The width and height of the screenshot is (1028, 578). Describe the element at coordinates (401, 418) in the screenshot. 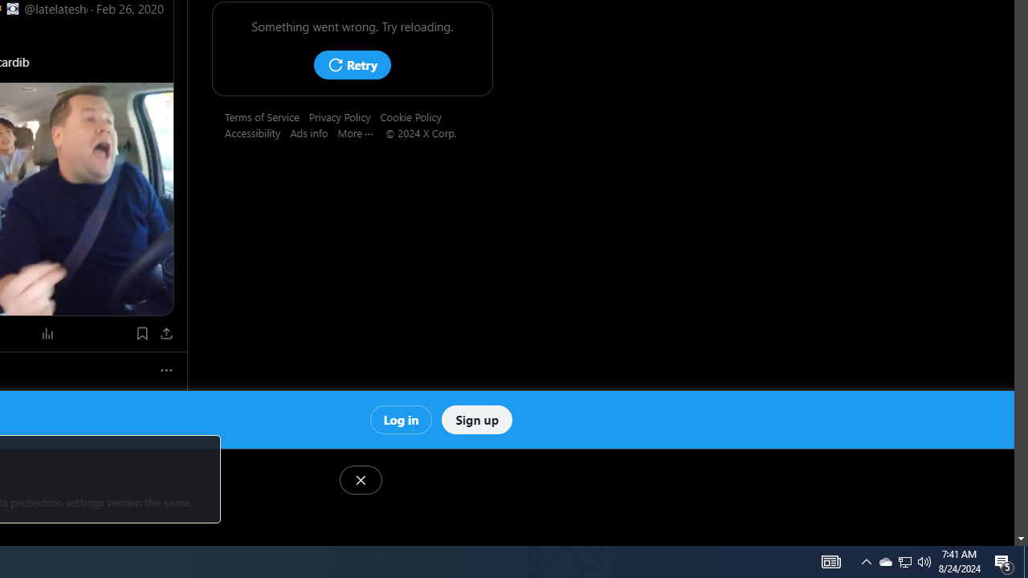

I see `'Log in'` at that location.